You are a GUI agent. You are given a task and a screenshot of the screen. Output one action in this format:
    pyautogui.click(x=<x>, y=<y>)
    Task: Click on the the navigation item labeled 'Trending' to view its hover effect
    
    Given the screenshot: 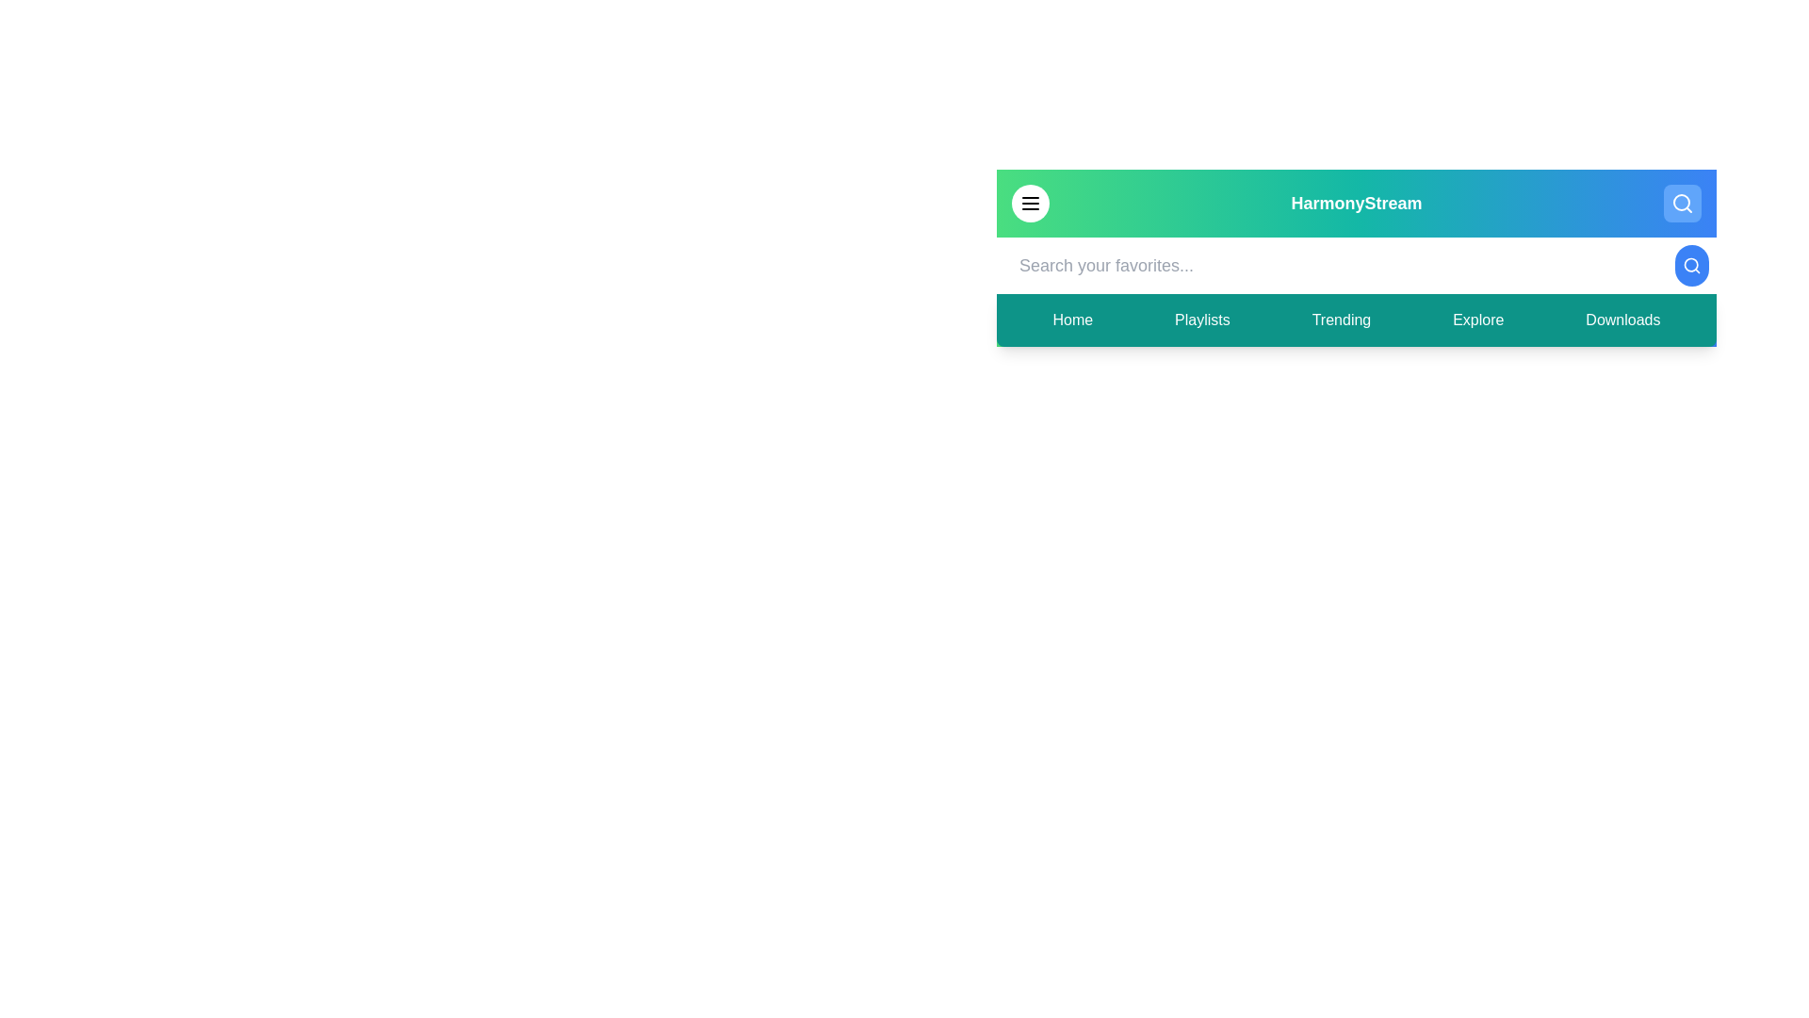 What is the action you would take?
    pyautogui.click(x=1341, y=319)
    